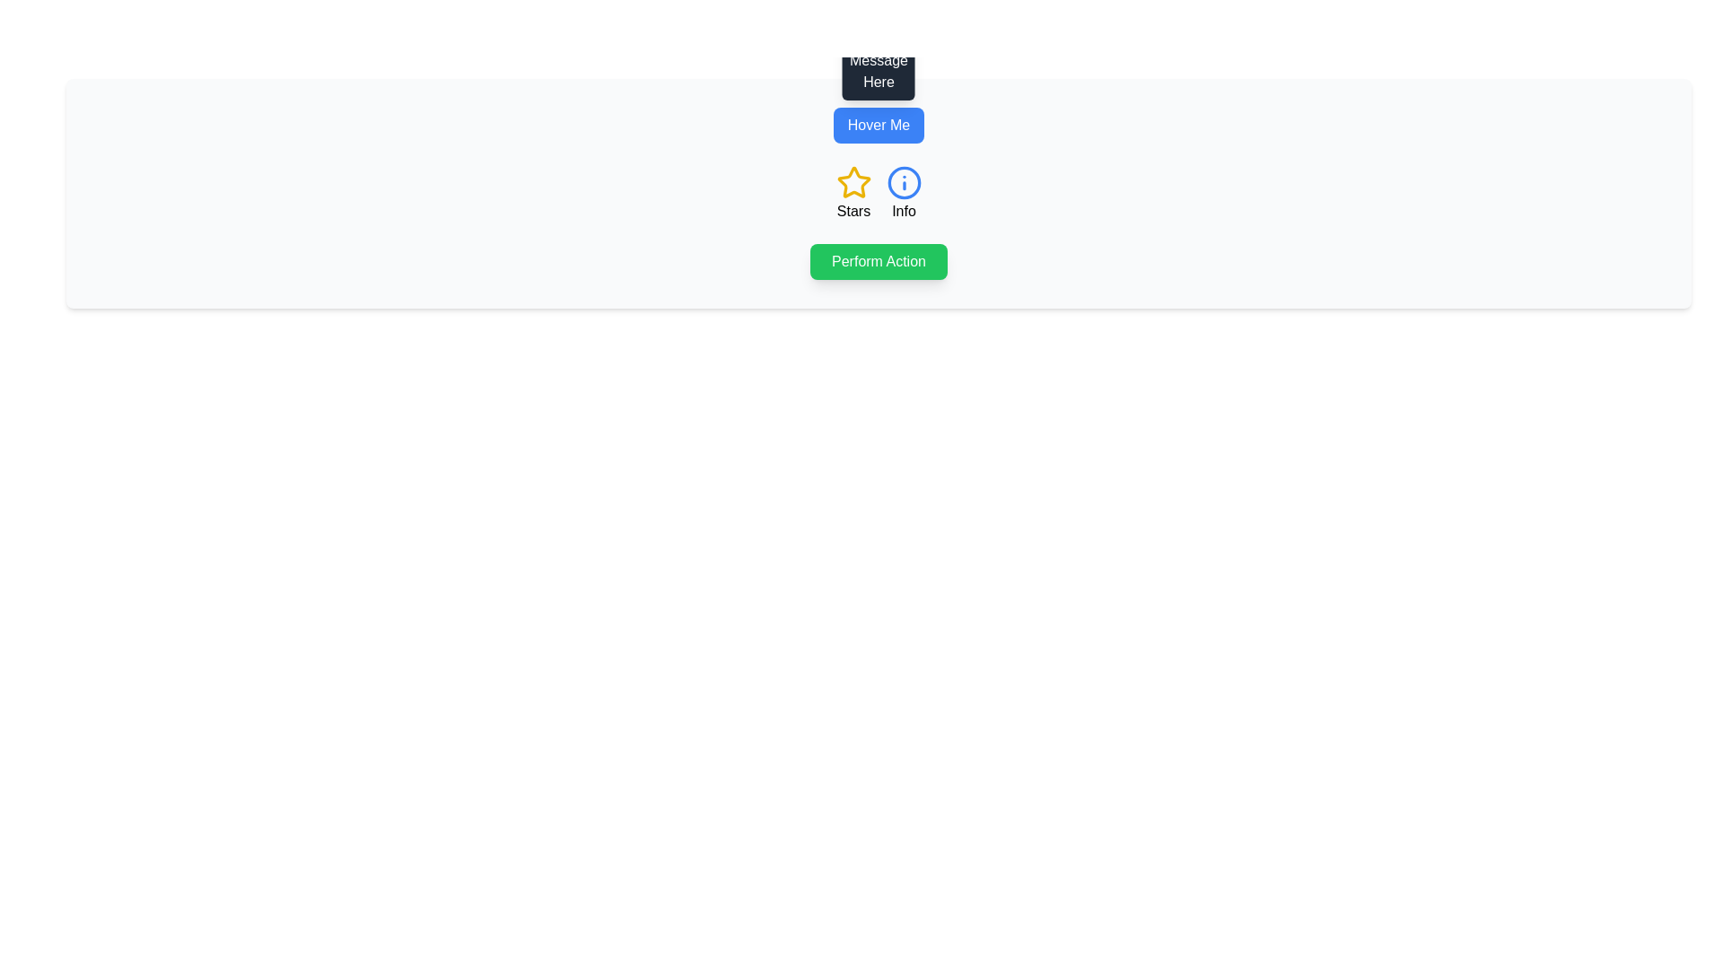 This screenshot has width=1723, height=969. What do you see at coordinates (853, 182) in the screenshot?
I see `the star icon used to convey a rating, favorite, or related feature, which is positioned to the left of an information button and below a blue 'Hover Me' button` at bounding box center [853, 182].